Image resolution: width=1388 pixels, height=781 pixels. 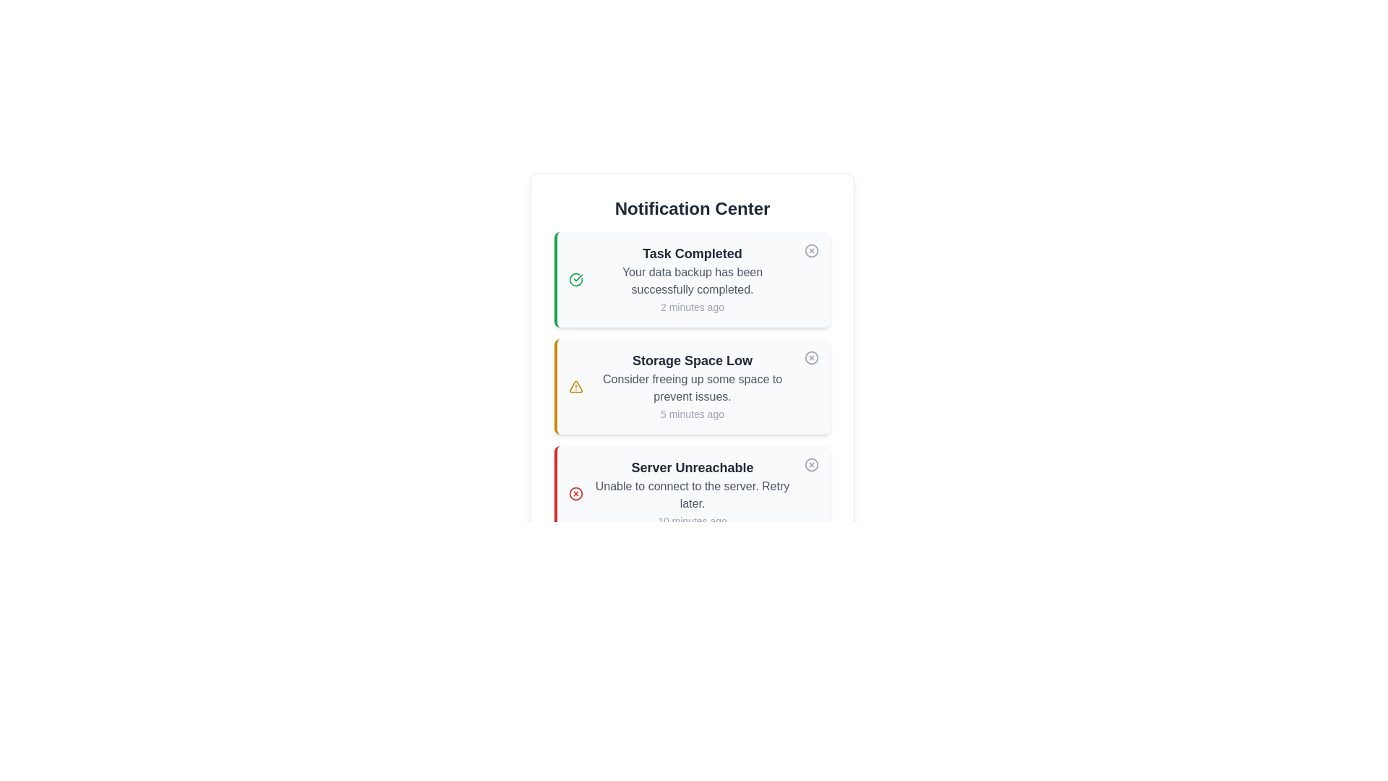 I want to click on the second notification card in the Notification Center, which has a yellow border, to focus on it, so click(x=692, y=386).